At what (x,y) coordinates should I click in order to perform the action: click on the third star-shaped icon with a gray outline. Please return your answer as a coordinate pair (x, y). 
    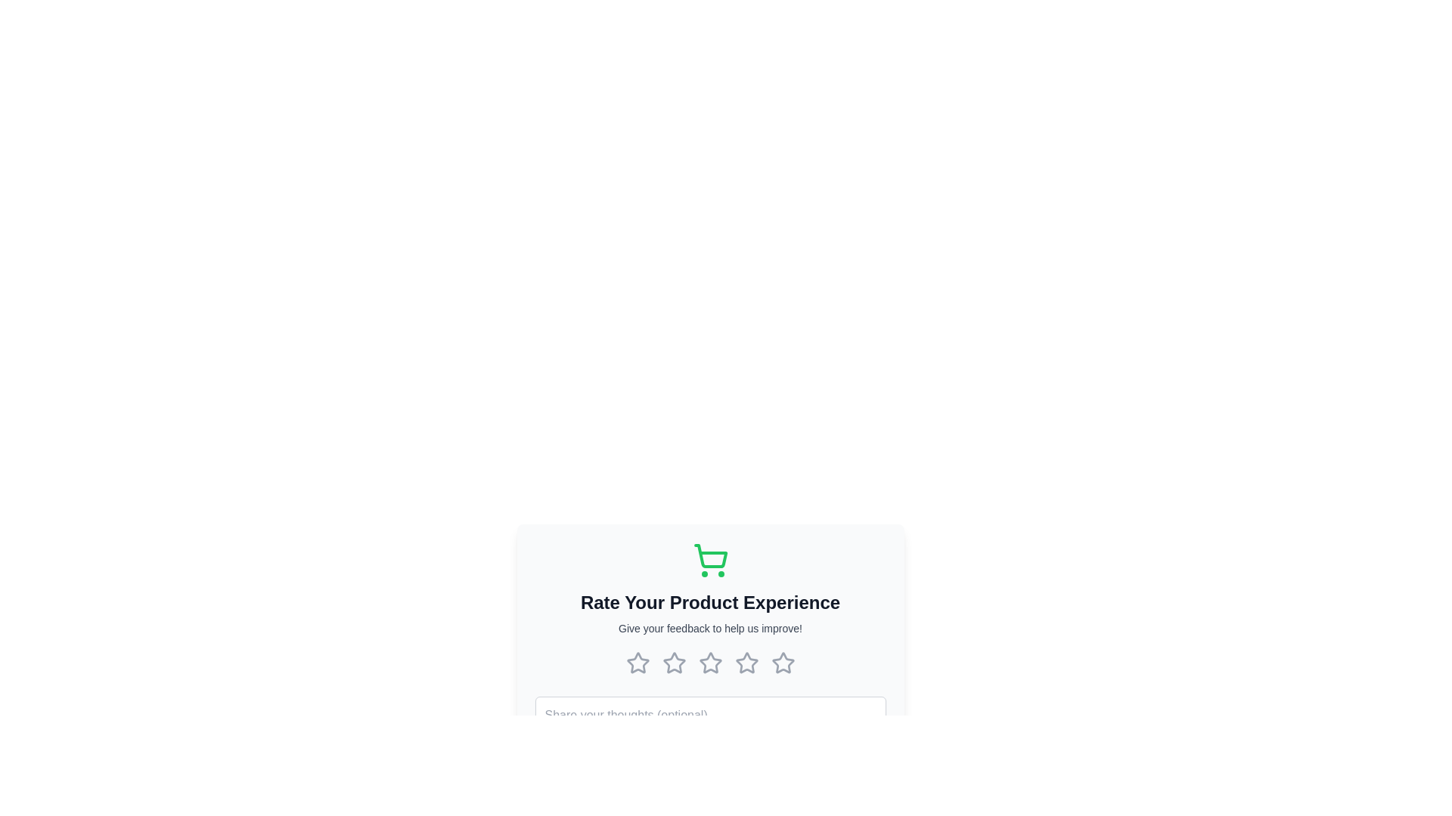
    Looking at the image, I should click on (709, 663).